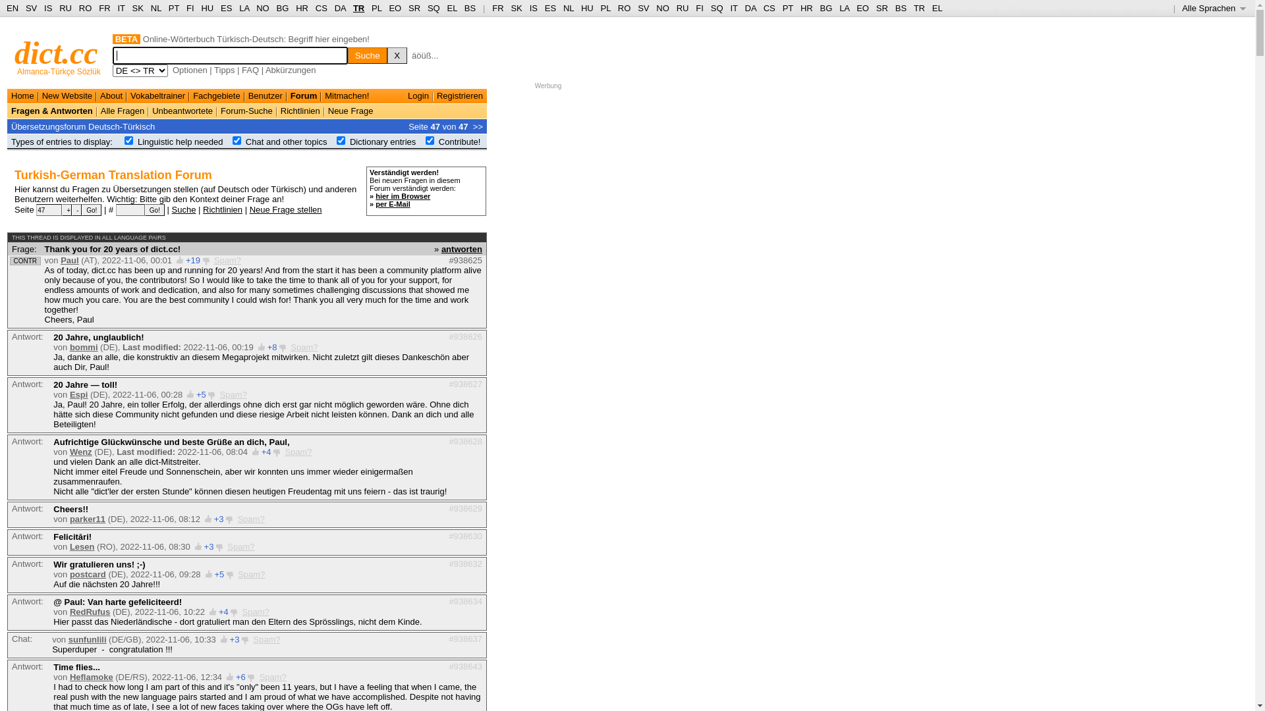 The image size is (1265, 711). Describe the element at coordinates (285, 208) in the screenshot. I see `'Neue Frage stellen'` at that location.